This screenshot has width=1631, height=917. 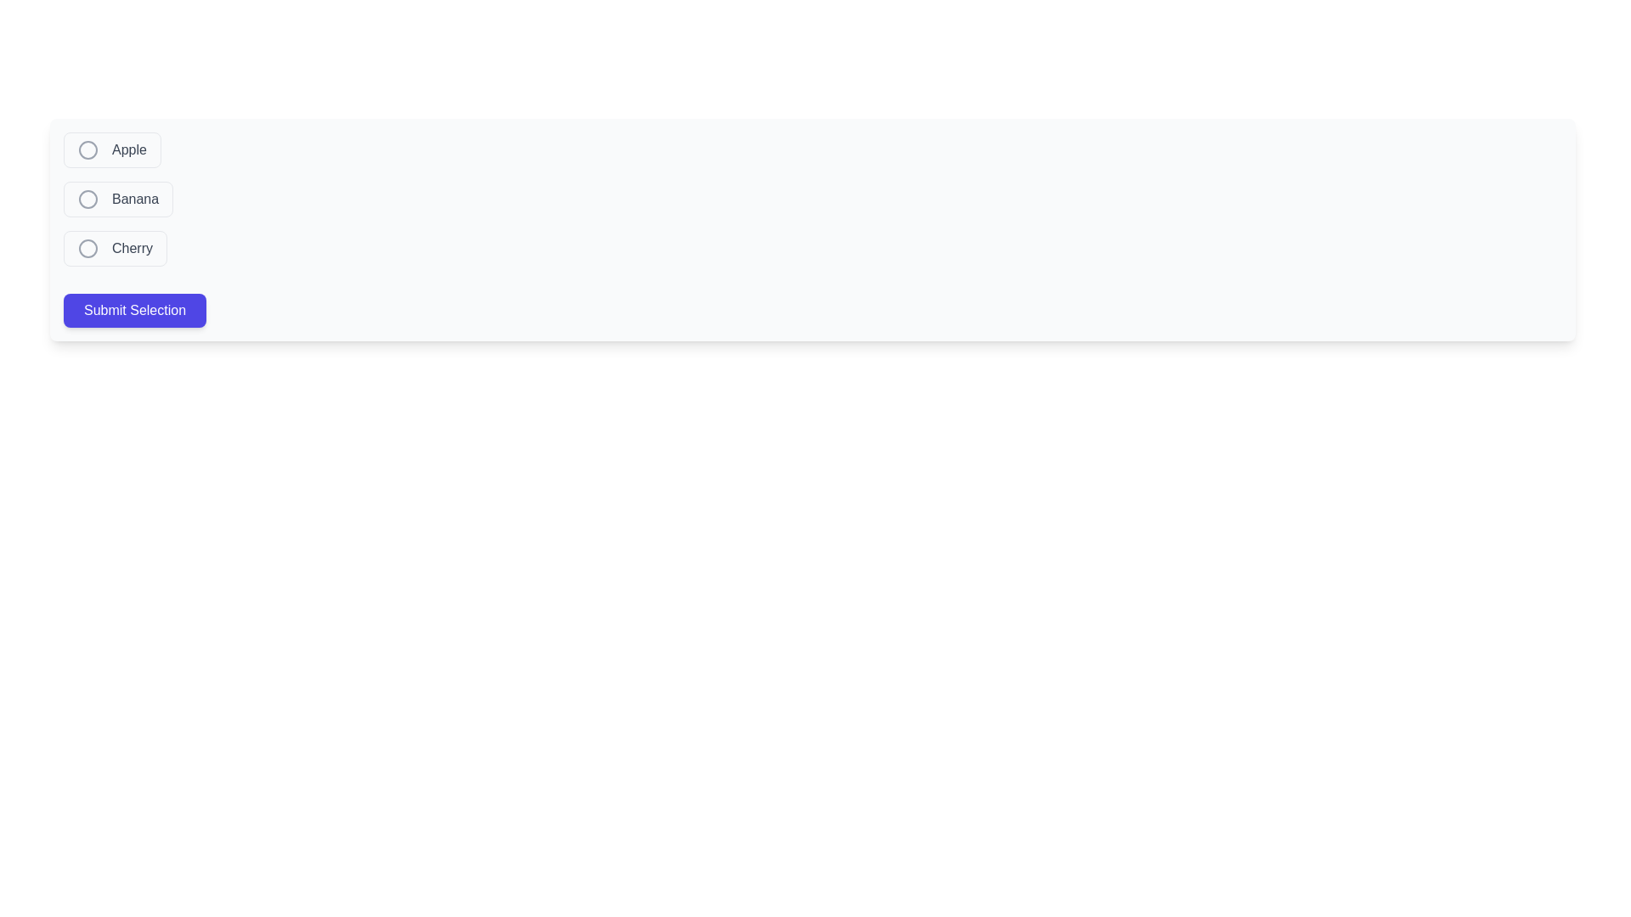 What do you see at coordinates (87, 249) in the screenshot?
I see `the circular radio button indicator` at bounding box center [87, 249].